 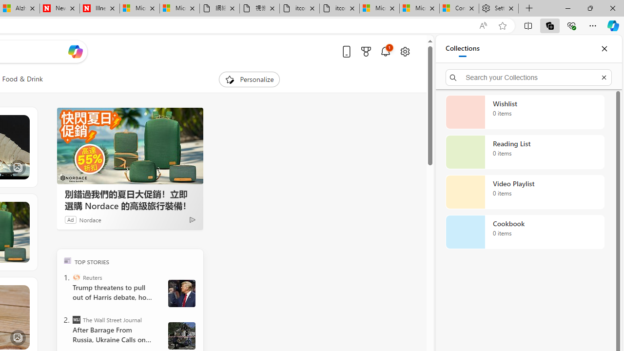 I want to click on 'Reuters', so click(x=76, y=277).